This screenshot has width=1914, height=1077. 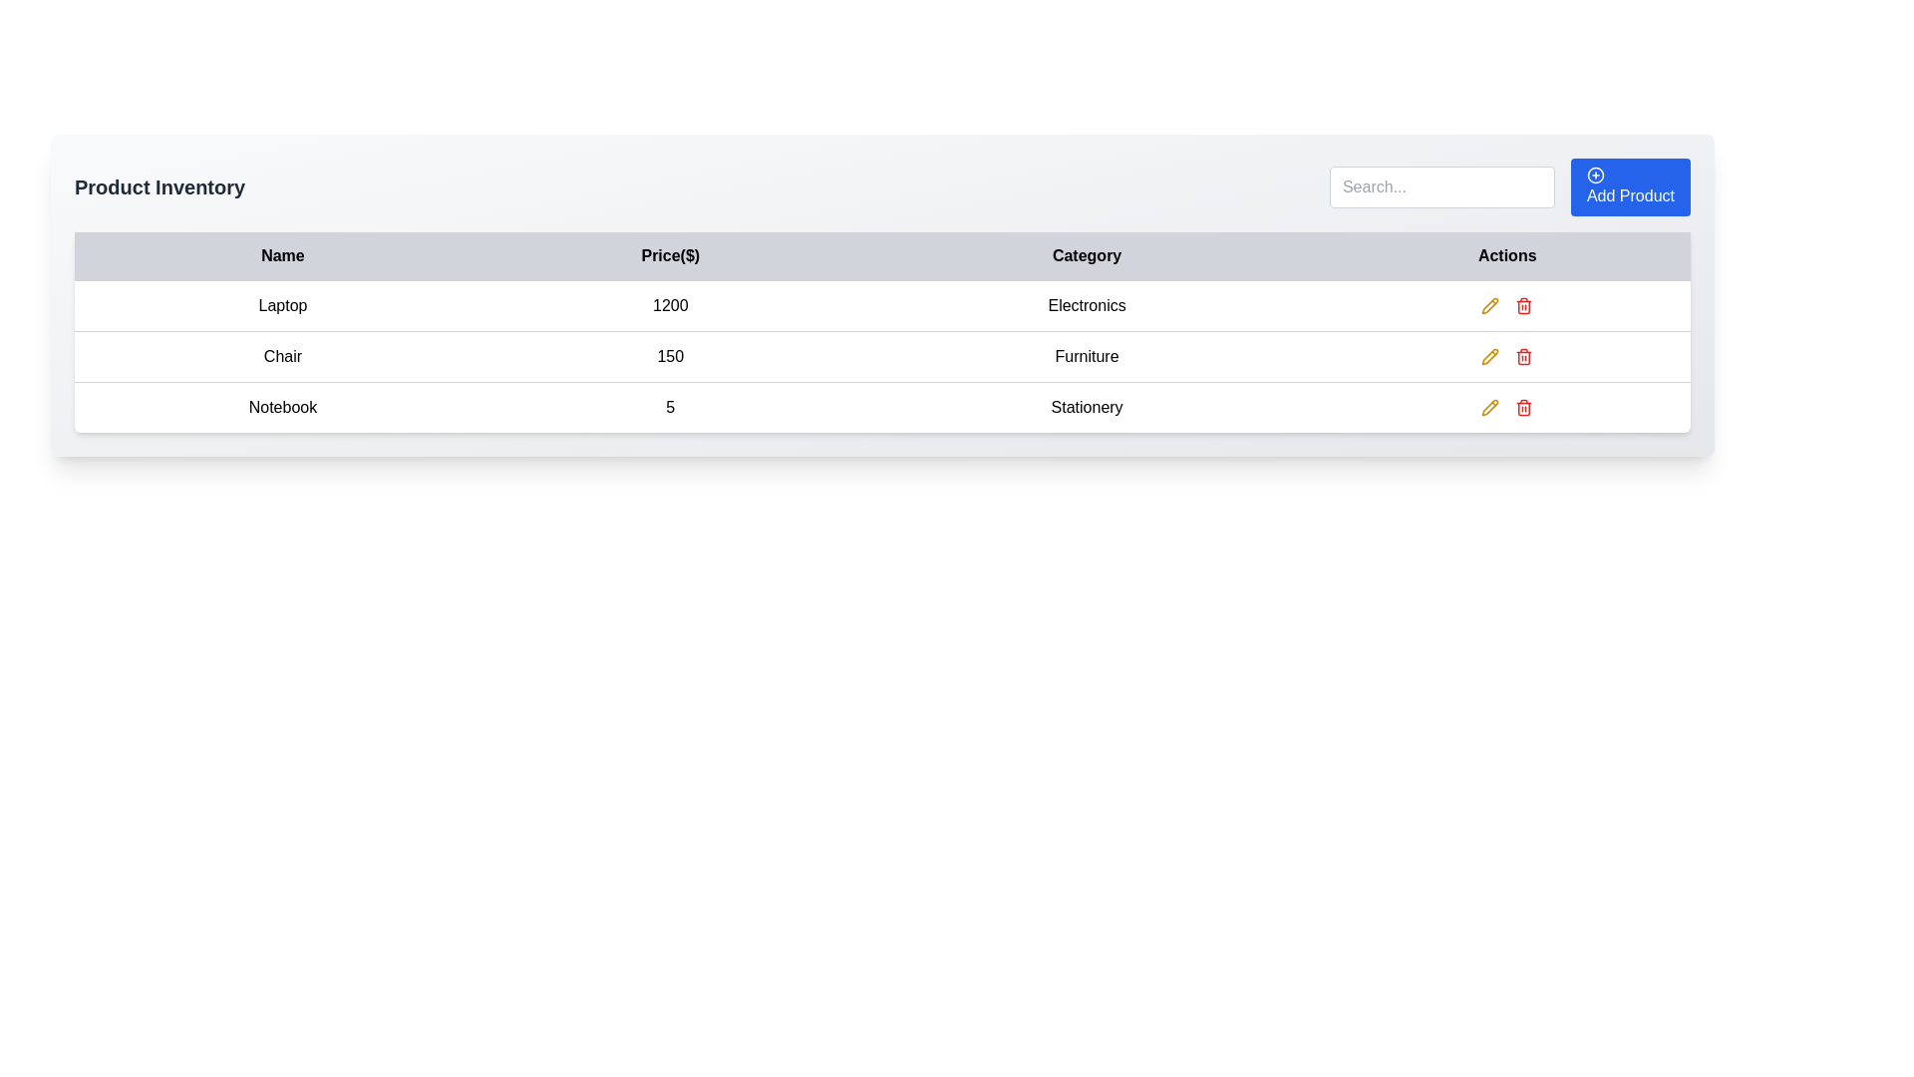 I want to click on the price text element located in the second column of the first row of the product inventory table, so click(x=670, y=306).